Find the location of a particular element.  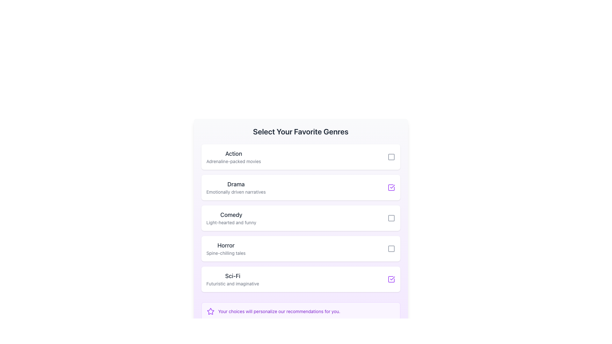

genre name displayed in the text label titled 'Drama' which is located in the second list item under 'Select Your Favorite Genres' is located at coordinates (236, 184).